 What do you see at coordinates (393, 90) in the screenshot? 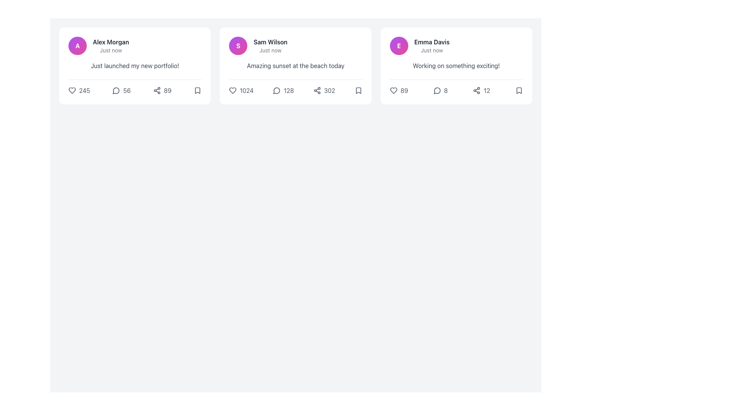
I see `the heart icon in the interaction row of Emma Davis's card` at bounding box center [393, 90].